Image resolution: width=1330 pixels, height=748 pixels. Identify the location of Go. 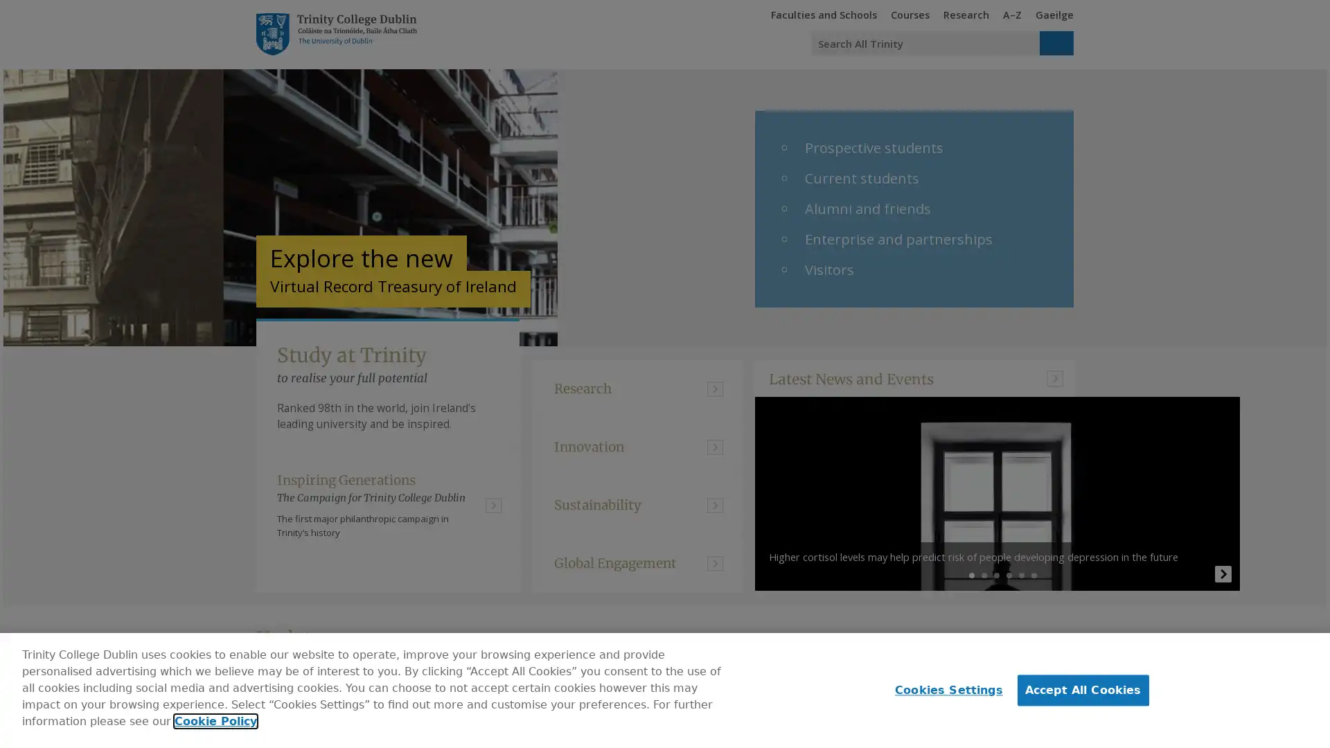
(1056, 42).